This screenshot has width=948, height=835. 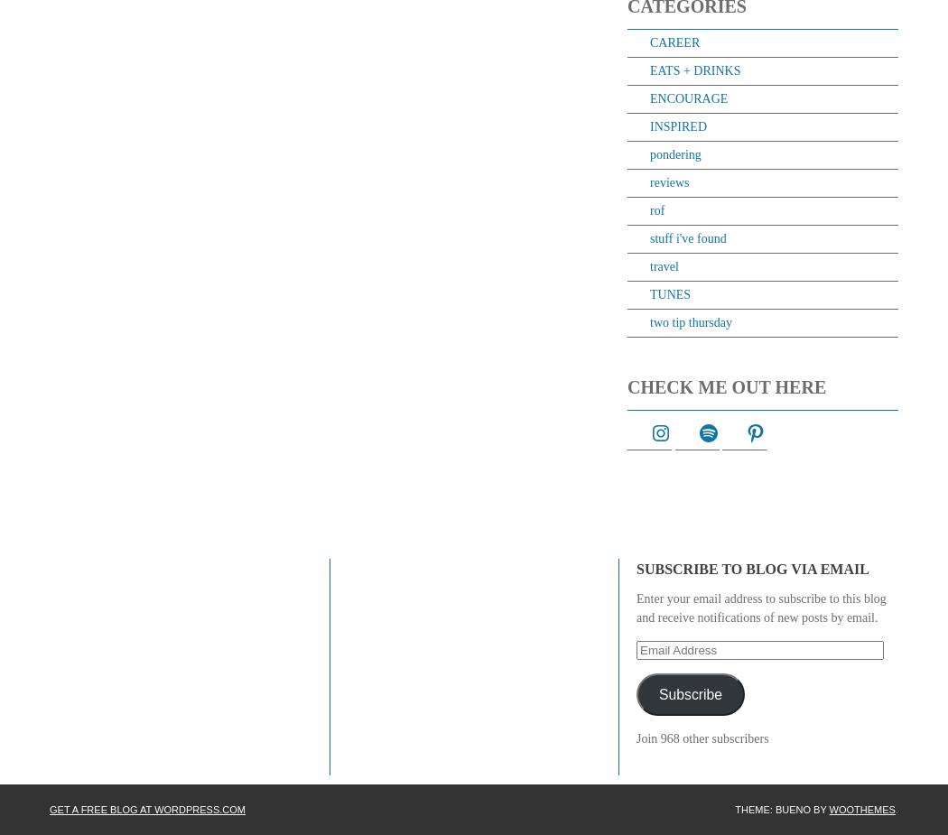 I want to click on 'stuff i've found', so click(x=687, y=237).